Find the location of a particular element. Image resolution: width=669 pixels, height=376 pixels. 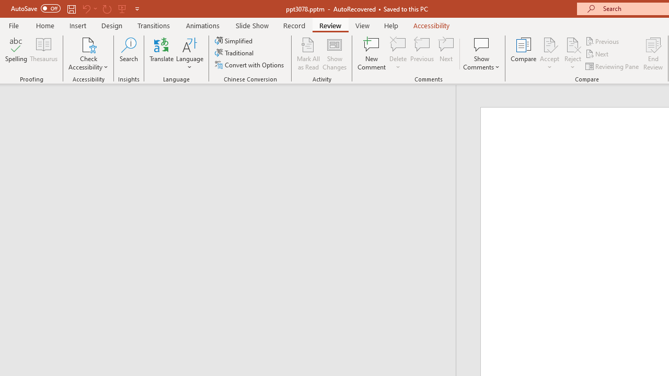

'Check Accessibility' is located at coordinates (88, 44).